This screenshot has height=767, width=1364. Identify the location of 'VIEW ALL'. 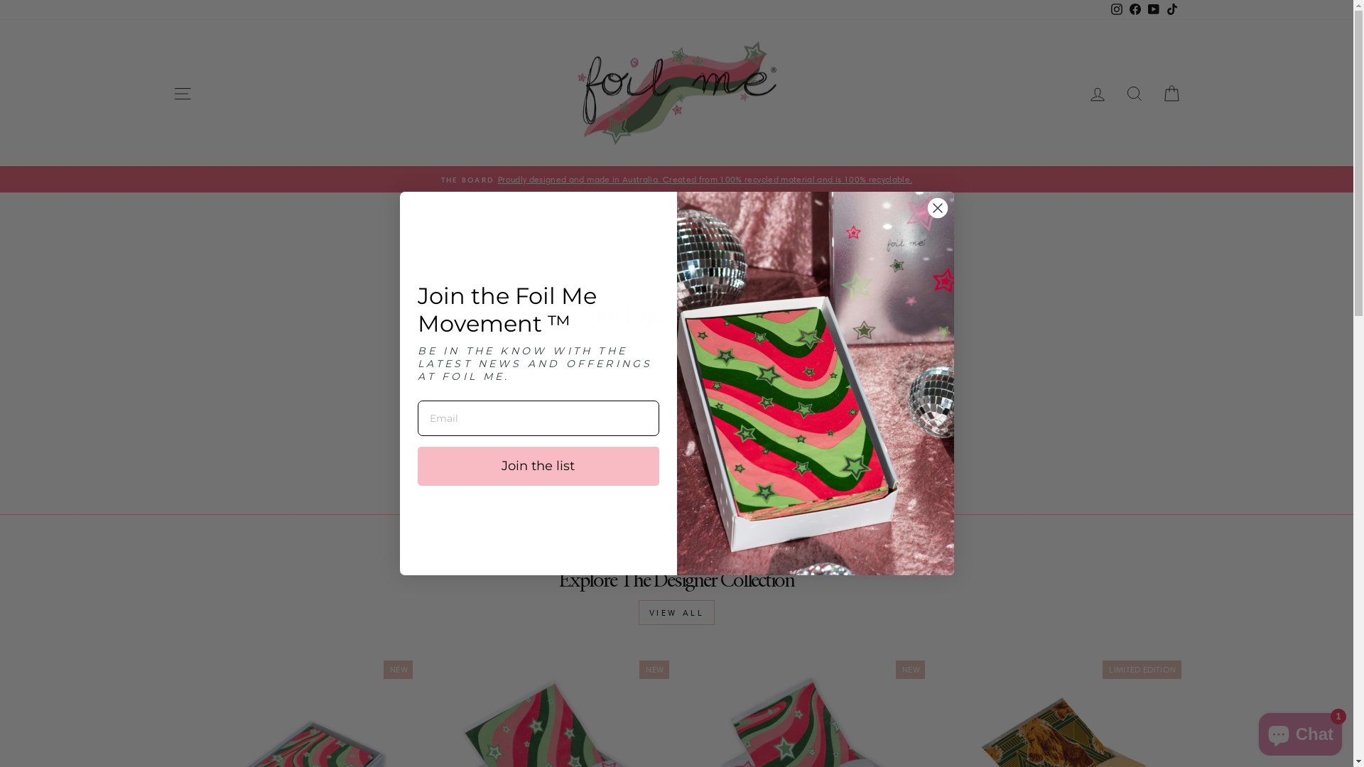
(676, 611).